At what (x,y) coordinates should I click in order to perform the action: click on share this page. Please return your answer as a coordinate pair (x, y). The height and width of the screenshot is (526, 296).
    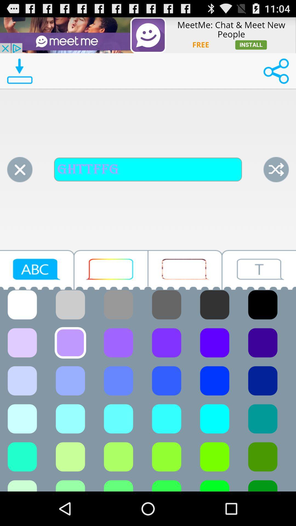
    Looking at the image, I should click on (276, 71).